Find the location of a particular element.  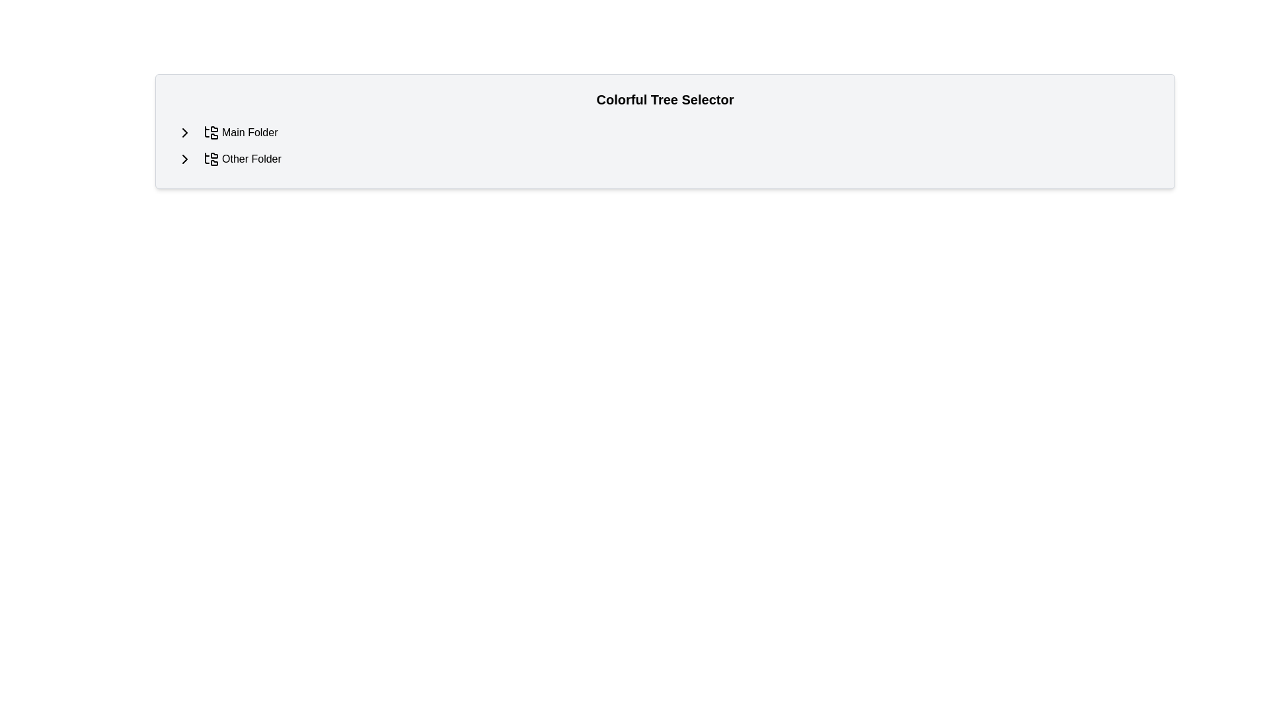

the text header labeled 'Colorful Tree Selector', which is prominently displayed in bold, large font at the top of the section is located at coordinates (665, 99).